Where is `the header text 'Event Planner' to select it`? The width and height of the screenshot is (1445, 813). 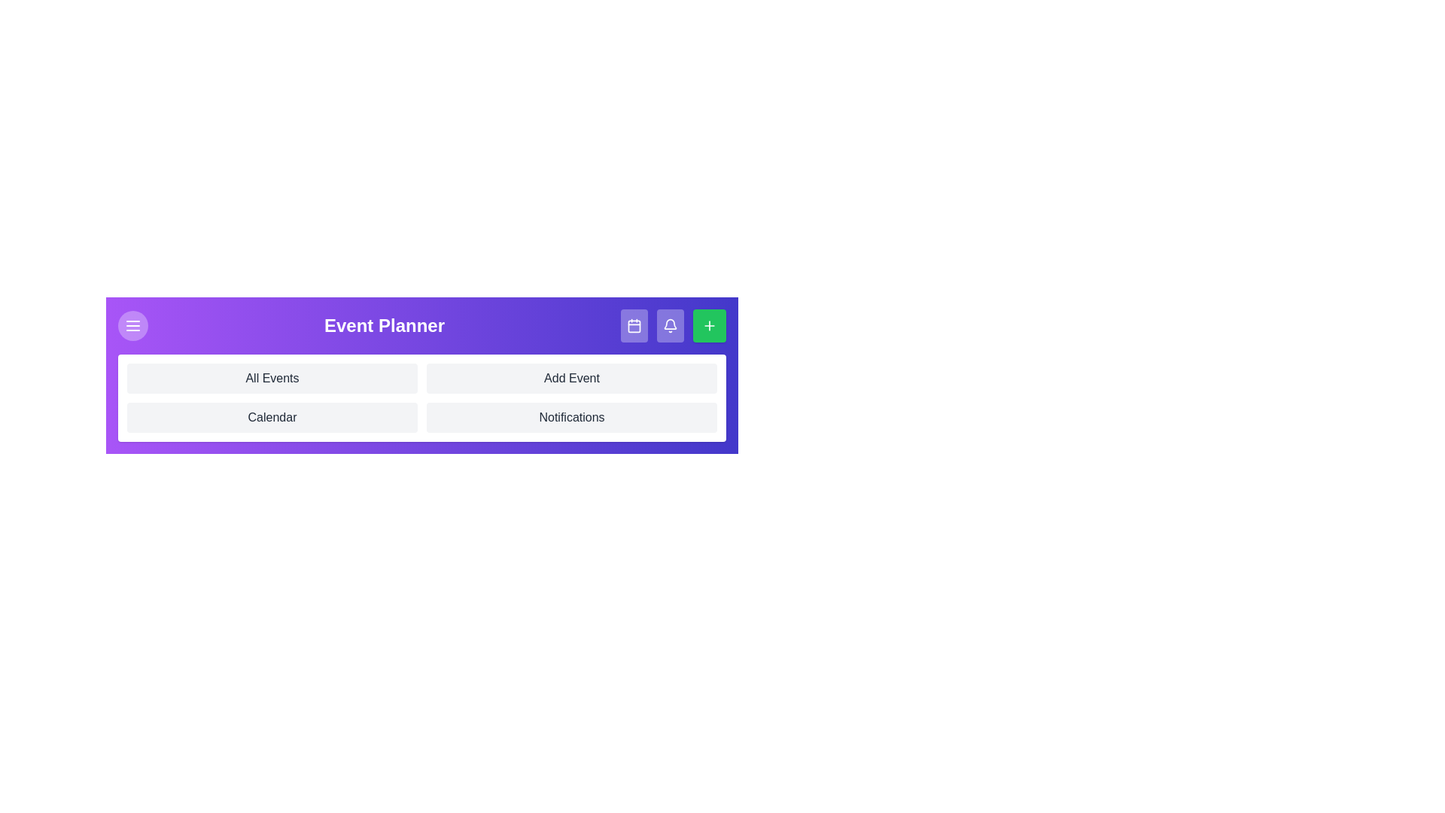
the header text 'Event Planner' to select it is located at coordinates (384, 324).